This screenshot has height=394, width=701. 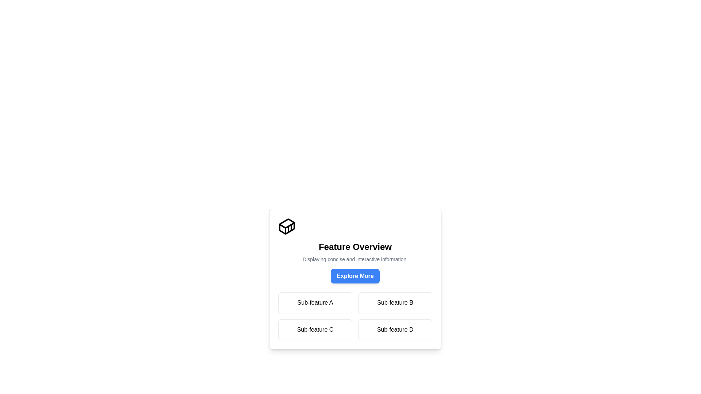 What do you see at coordinates (355, 259) in the screenshot?
I see `the text label that provides additional context below the 'Feature Overview' heading and above the 'Explore More' button` at bounding box center [355, 259].